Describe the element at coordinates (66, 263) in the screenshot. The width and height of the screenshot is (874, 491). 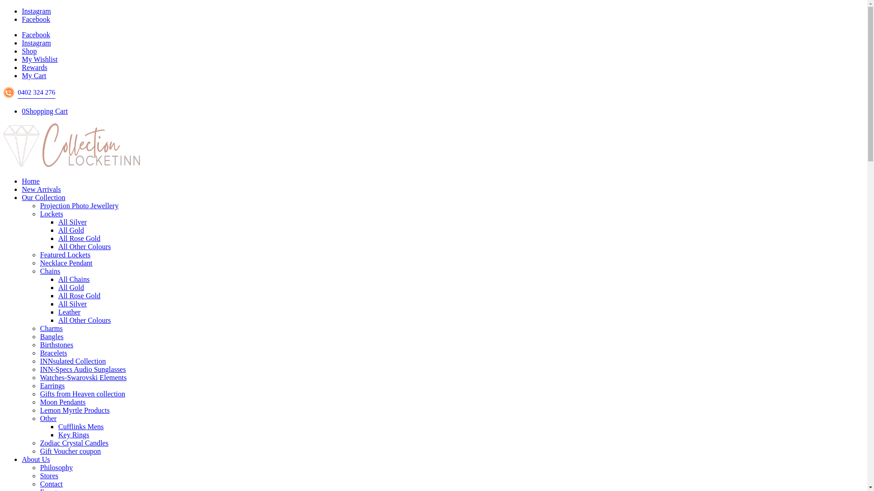
I see `'Necklace Pendant'` at that location.